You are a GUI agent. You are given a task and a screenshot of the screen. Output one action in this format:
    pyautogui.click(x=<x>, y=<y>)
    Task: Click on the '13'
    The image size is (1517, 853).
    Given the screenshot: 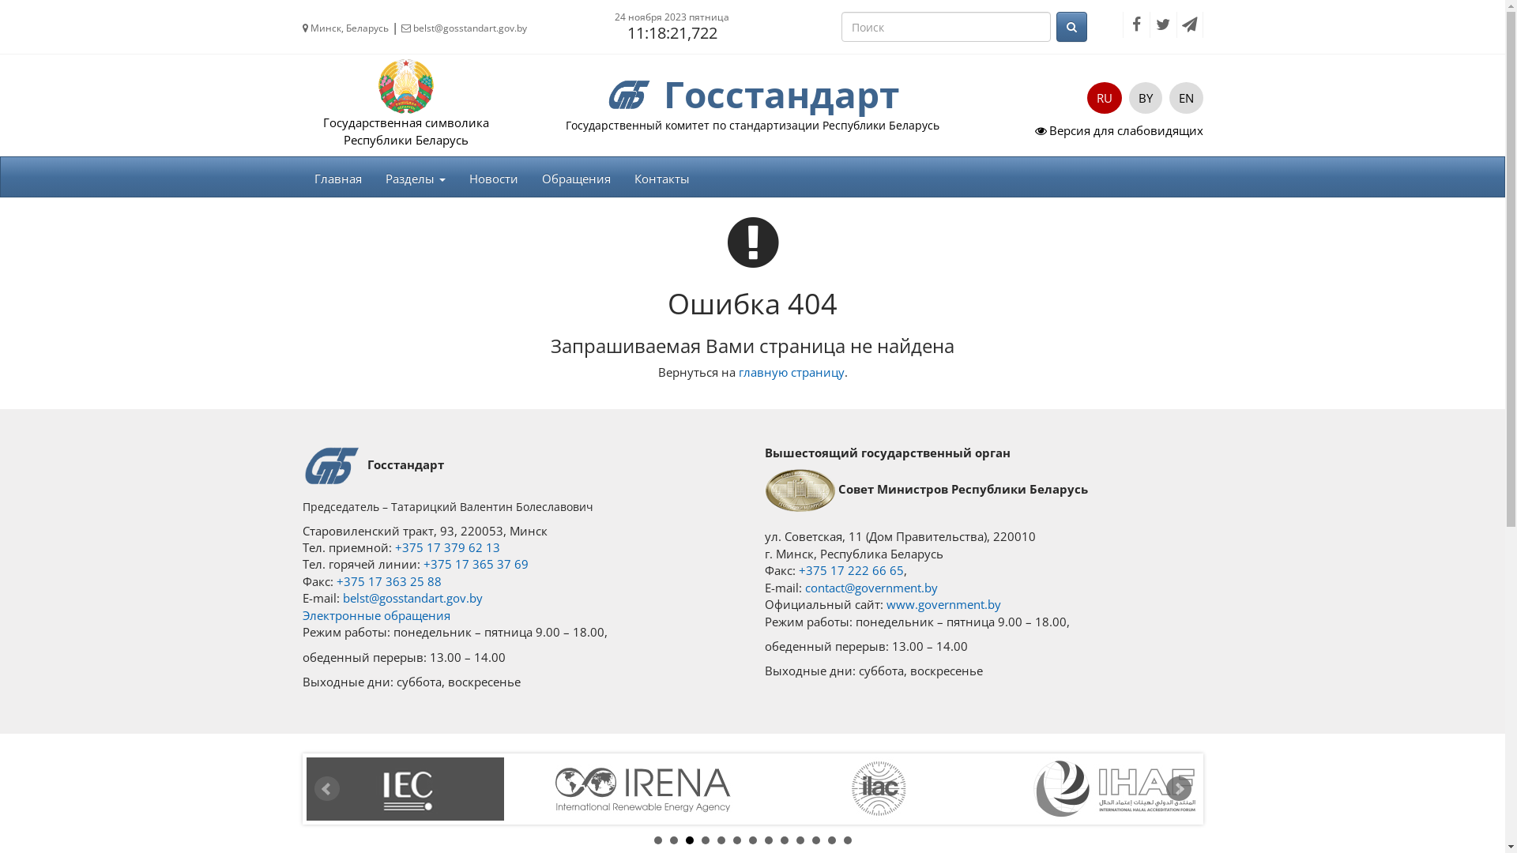 What is the action you would take?
    pyautogui.click(x=847, y=840)
    